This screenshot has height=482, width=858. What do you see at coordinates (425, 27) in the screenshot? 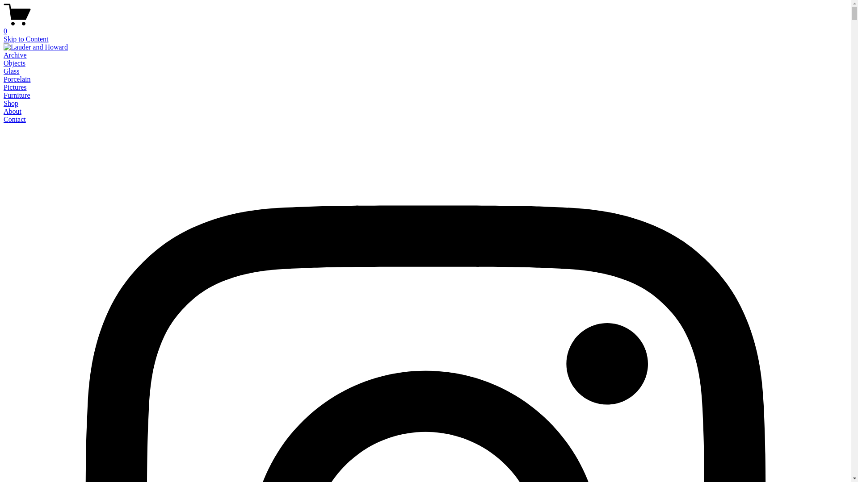
I see `'0'` at bounding box center [425, 27].